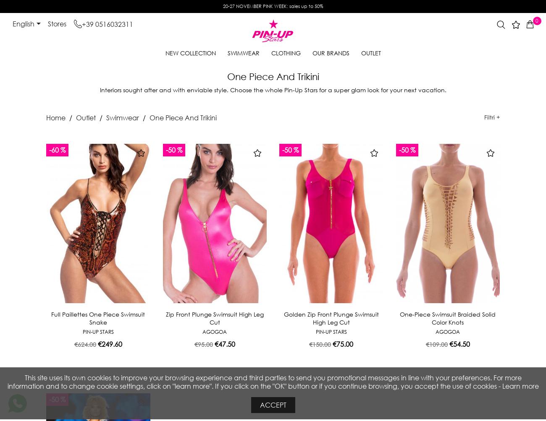  What do you see at coordinates (57, 150) in the screenshot?
I see `'-60 %'` at bounding box center [57, 150].